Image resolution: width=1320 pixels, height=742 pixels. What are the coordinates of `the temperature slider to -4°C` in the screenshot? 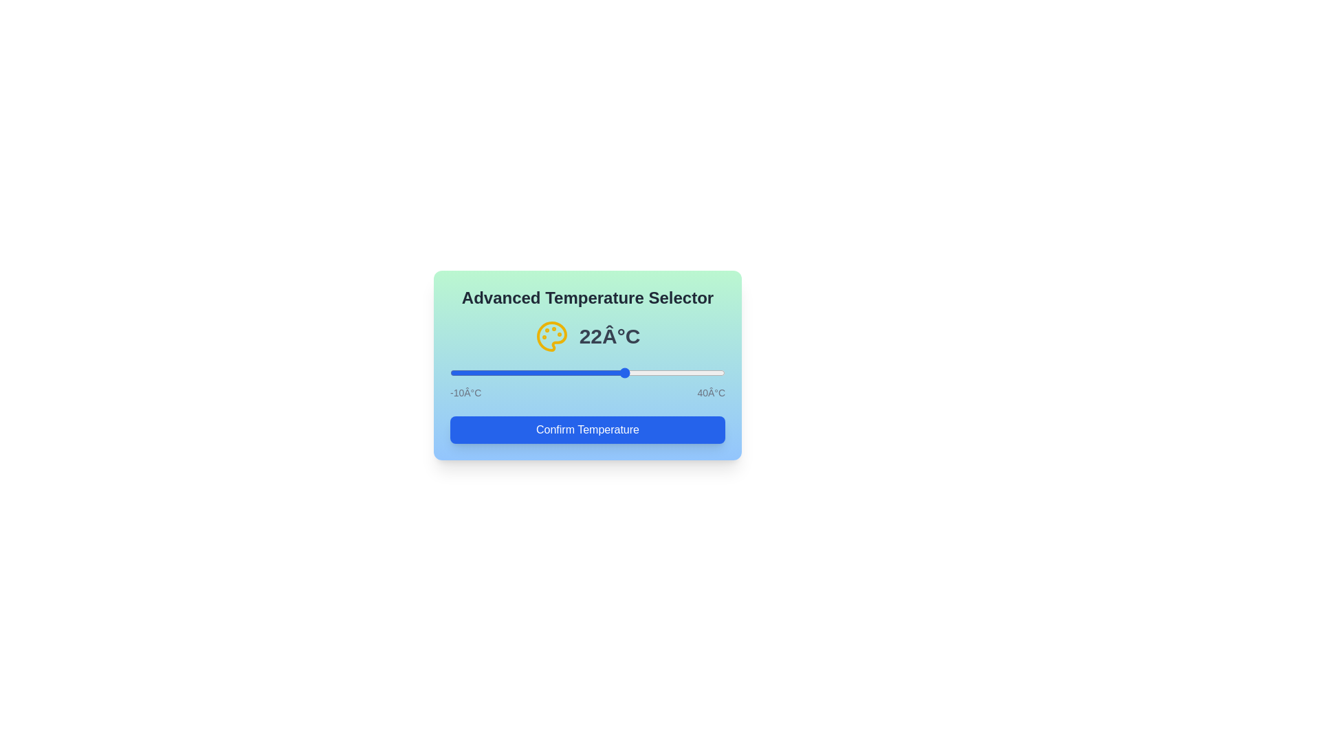 It's located at (483, 373).